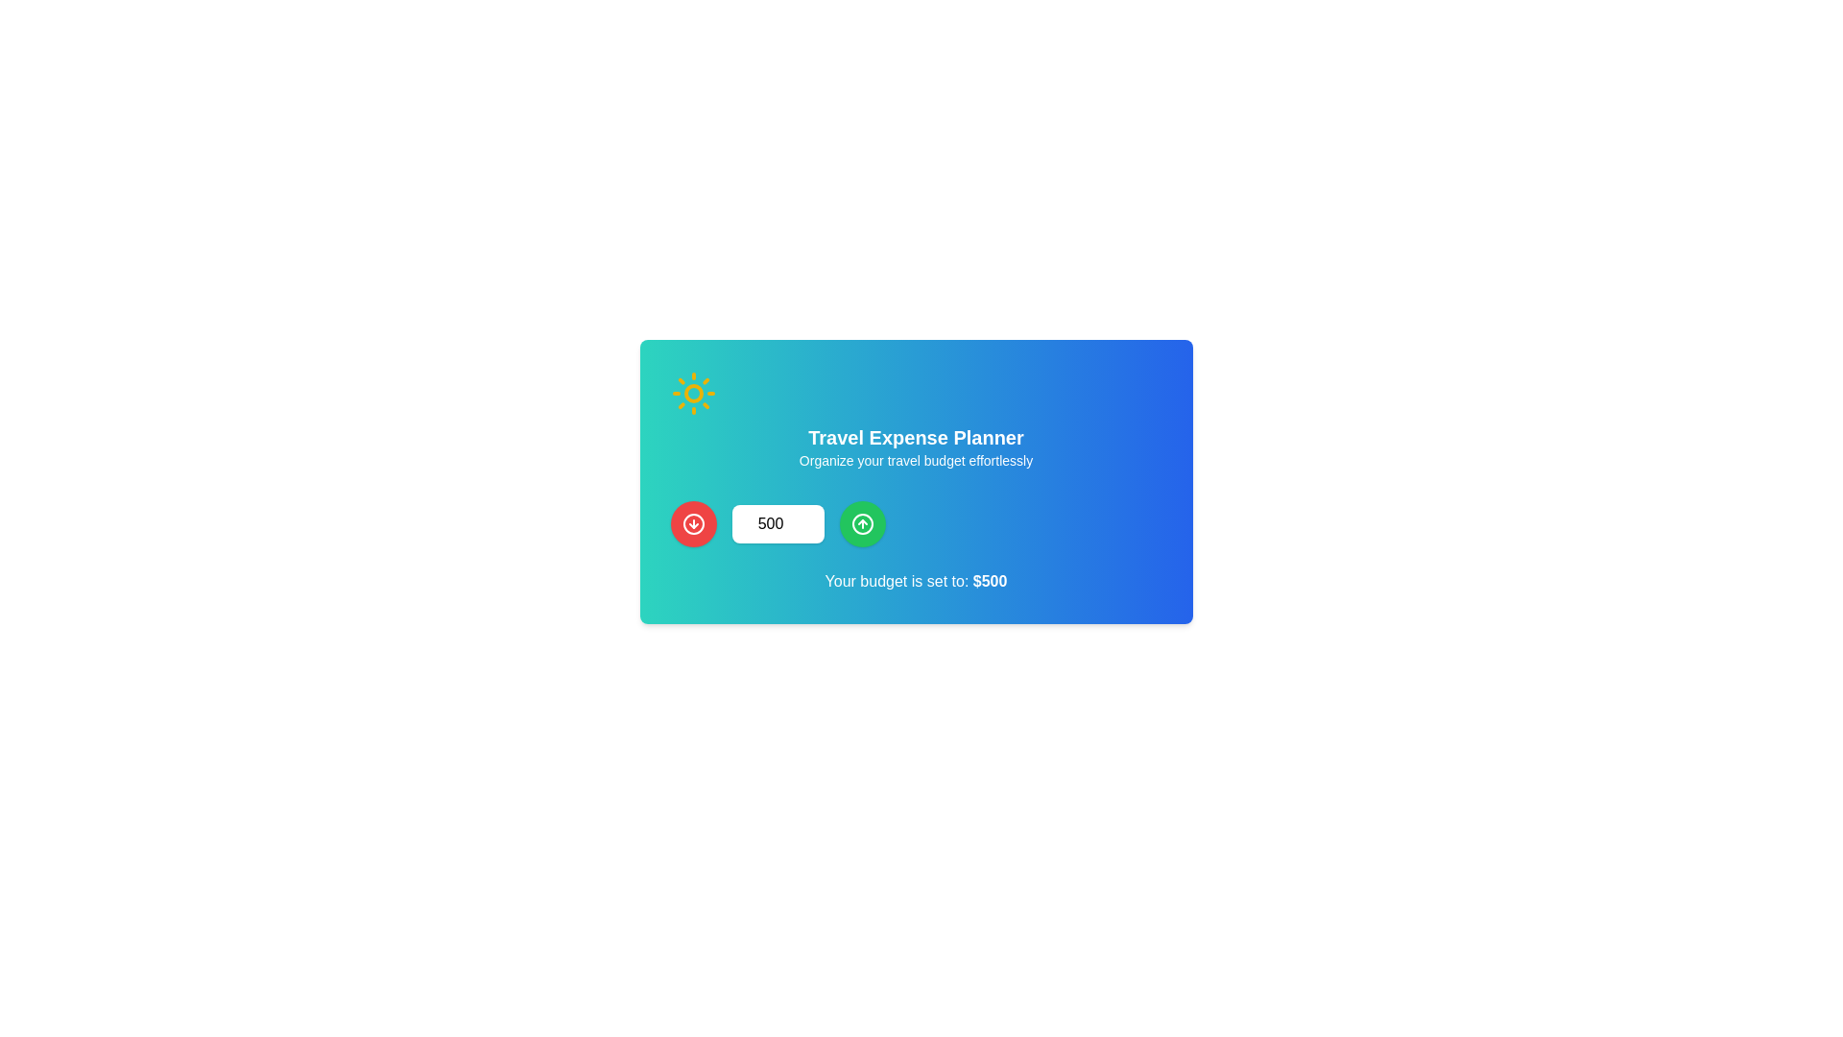 Image resolution: width=1843 pixels, height=1037 pixels. Describe the element at coordinates (692, 392) in the screenshot. I see `the sun icon, which is a decorative graphic located at the top-left of the 'Travel Expense Planner' card, distinguished by its yellow color and clean outline against a green background` at that location.